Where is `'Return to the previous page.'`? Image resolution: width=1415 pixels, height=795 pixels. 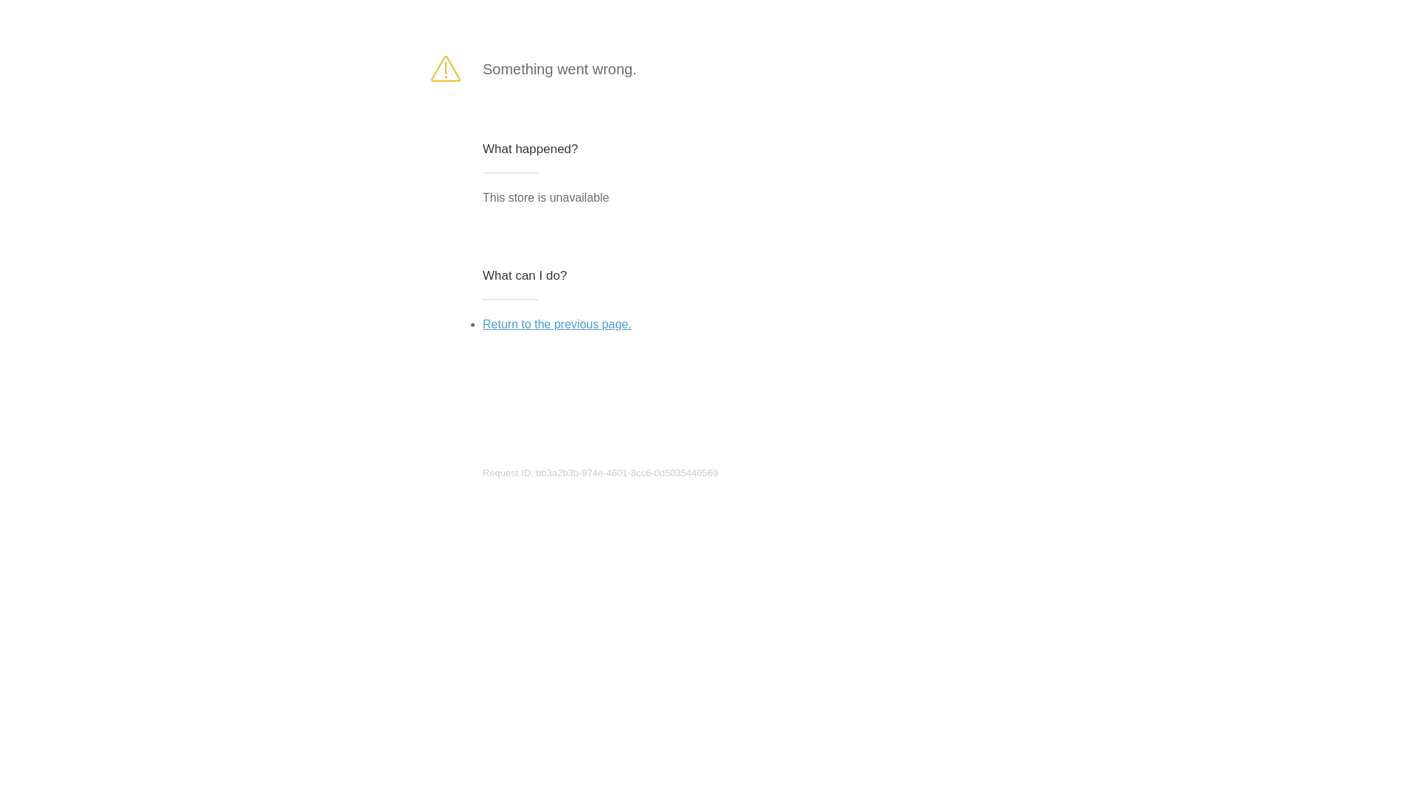
'Return to the previous page.' is located at coordinates (482, 323).